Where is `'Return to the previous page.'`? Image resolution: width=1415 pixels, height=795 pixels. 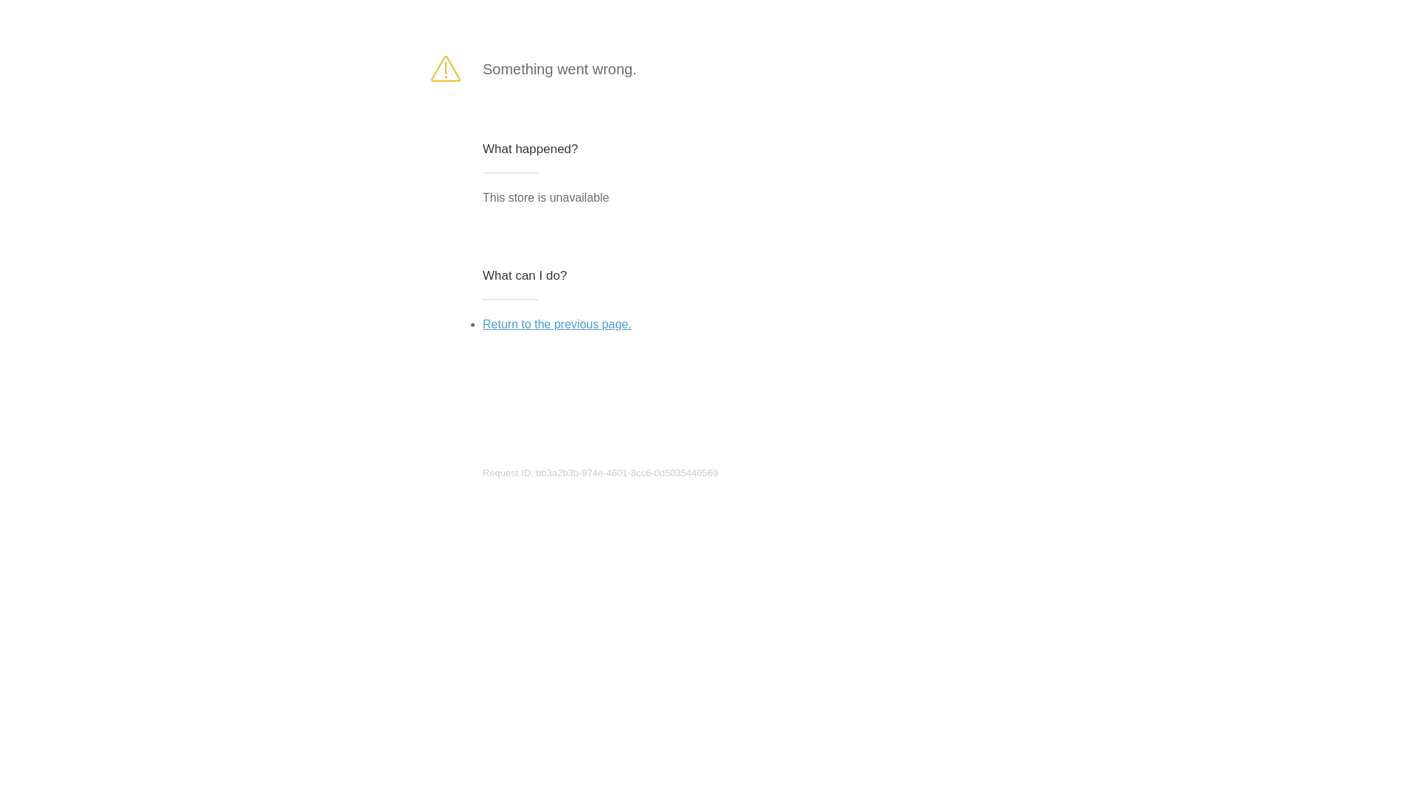
'Return to the previous page.' is located at coordinates (482, 323).